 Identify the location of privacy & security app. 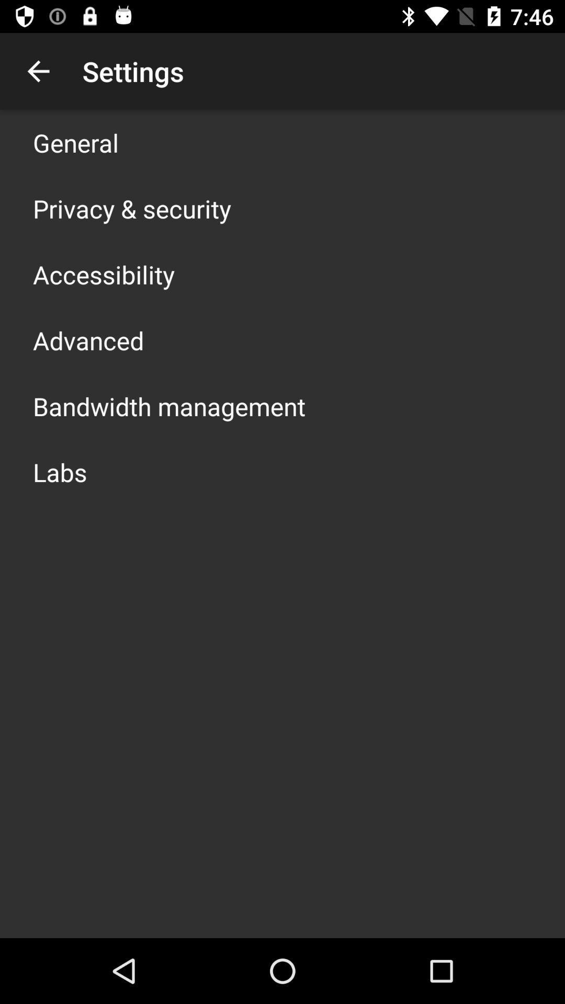
(131, 208).